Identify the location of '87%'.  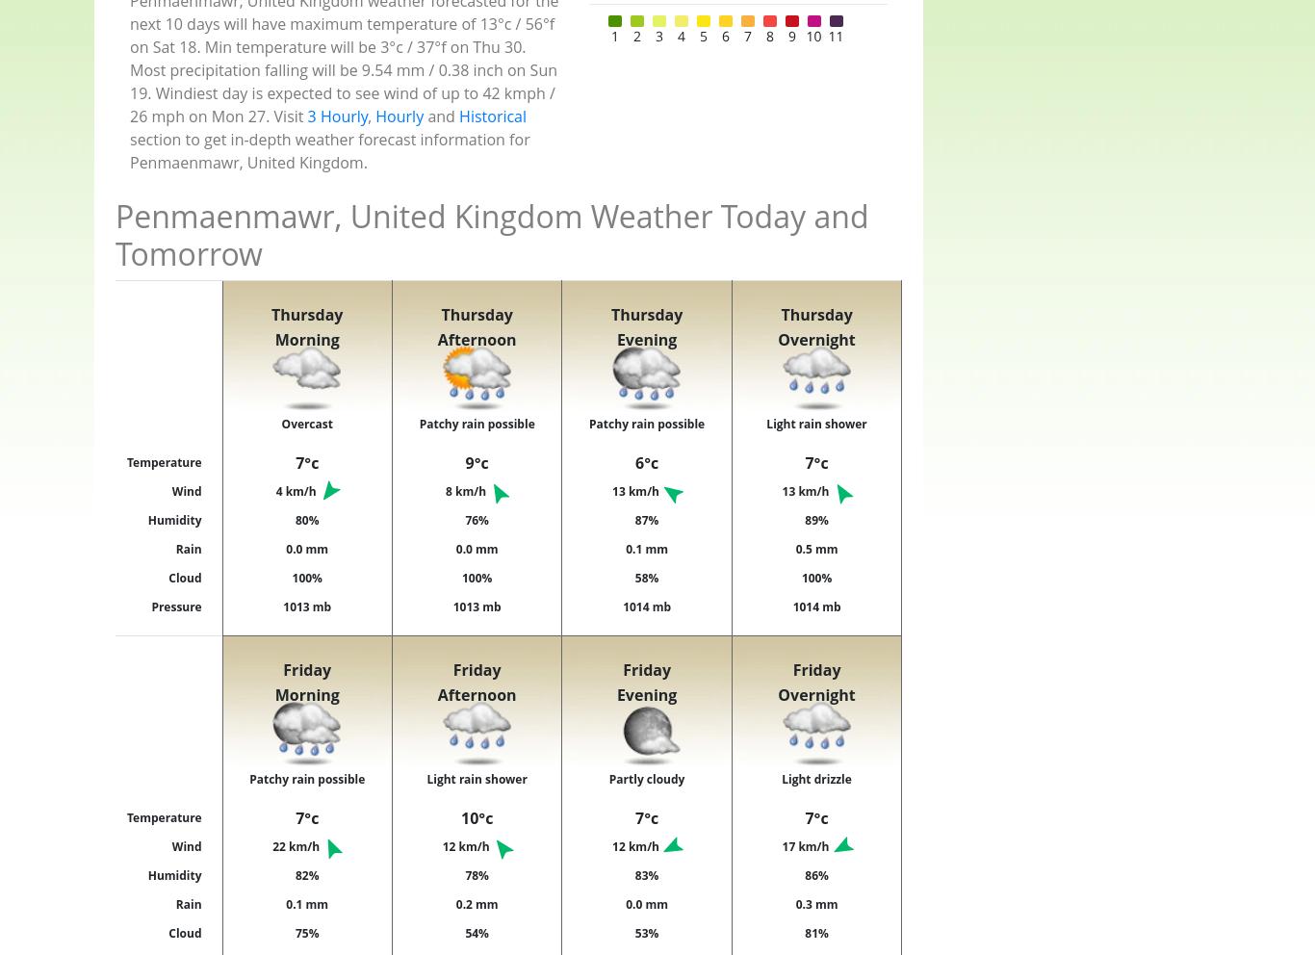
(645, 519).